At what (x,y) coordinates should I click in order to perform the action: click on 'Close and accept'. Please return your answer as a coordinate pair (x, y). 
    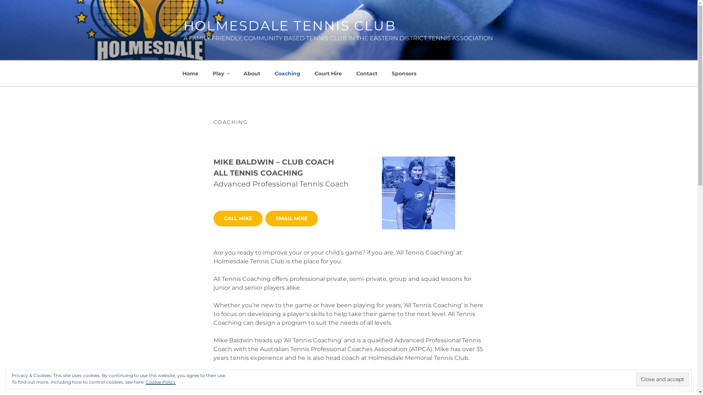
    Looking at the image, I should click on (662, 379).